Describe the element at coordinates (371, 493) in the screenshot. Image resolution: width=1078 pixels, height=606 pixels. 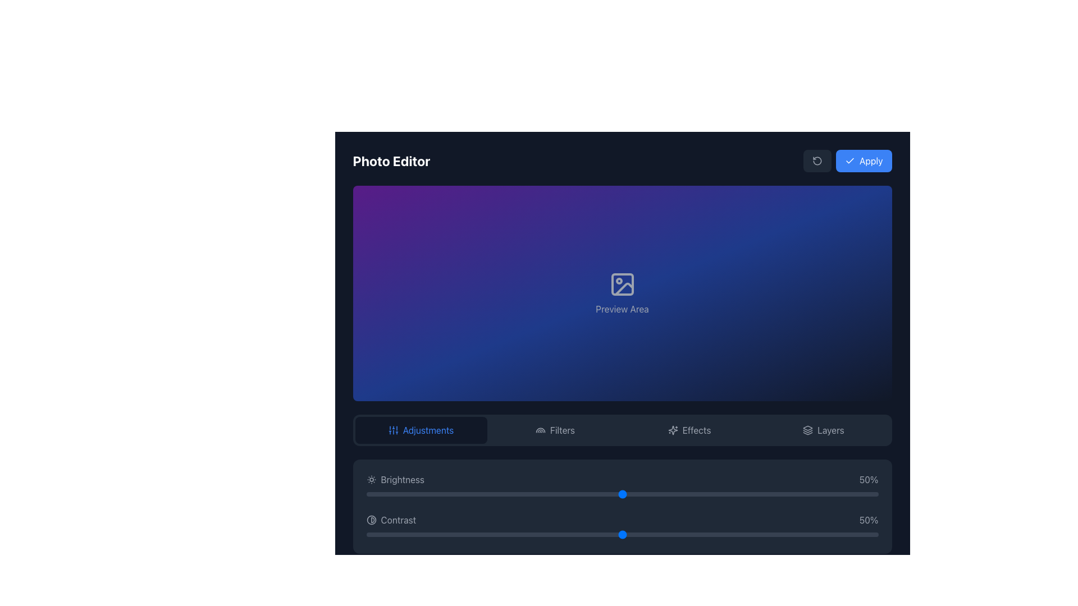
I see `the slider value` at that location.